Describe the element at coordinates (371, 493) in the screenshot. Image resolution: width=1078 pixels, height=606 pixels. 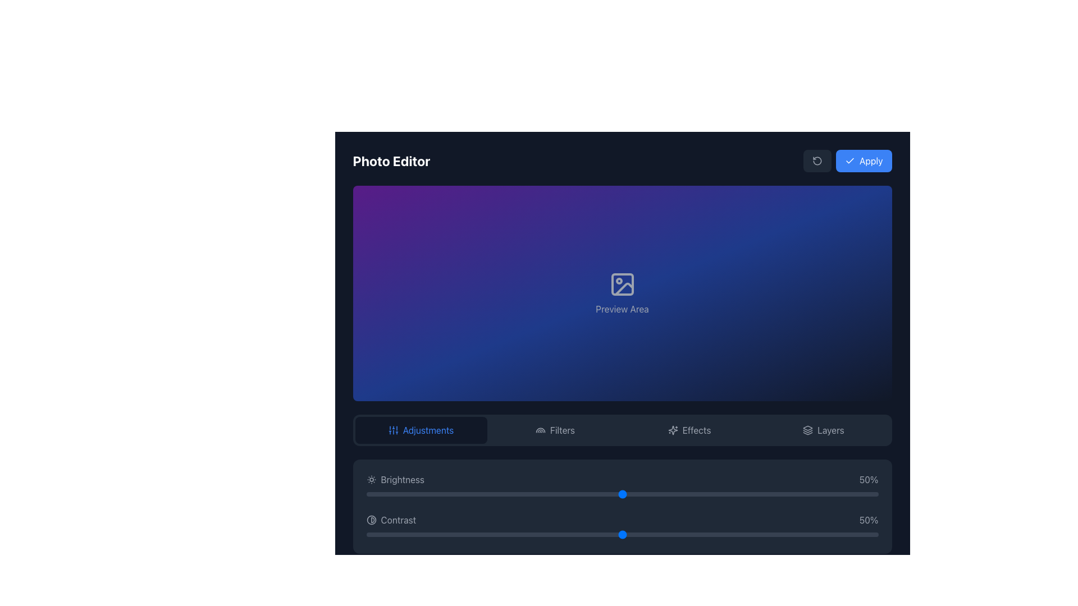
I see `the slider value` at that location.